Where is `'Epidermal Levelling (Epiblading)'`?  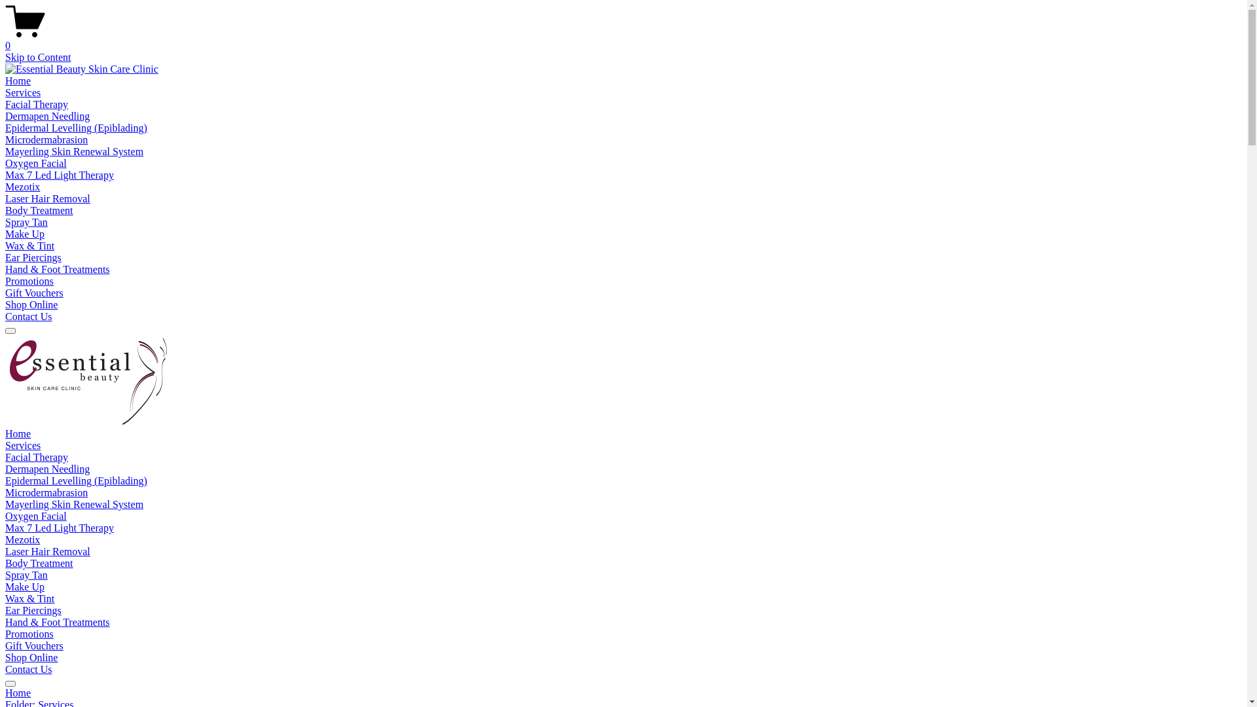
'Epidermal Levelling (Epiblading)' is located at coordinates (75, 128).